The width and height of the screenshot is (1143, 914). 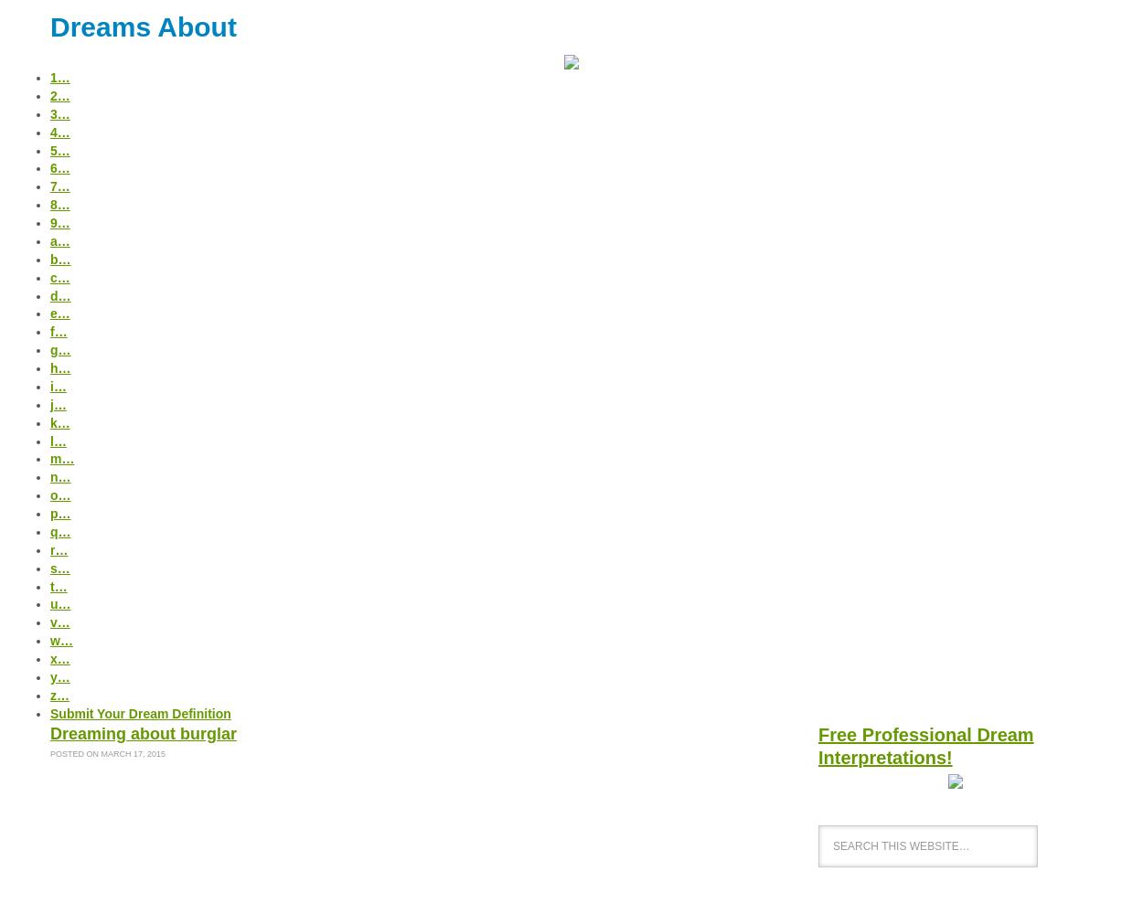 I want to click on 'q…', so click(x=59, y=530).